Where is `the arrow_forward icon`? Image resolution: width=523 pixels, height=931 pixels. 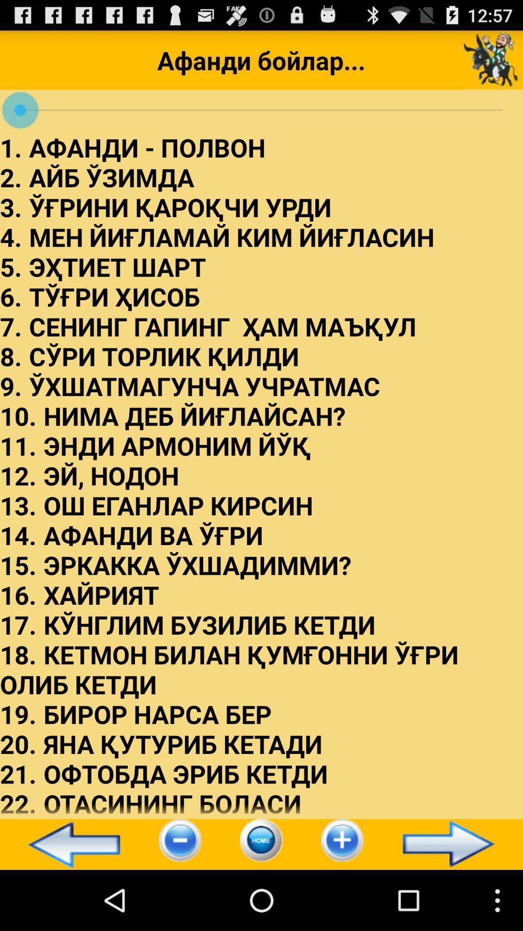 the arrow_forward icon is located at coordinates (453, 903).